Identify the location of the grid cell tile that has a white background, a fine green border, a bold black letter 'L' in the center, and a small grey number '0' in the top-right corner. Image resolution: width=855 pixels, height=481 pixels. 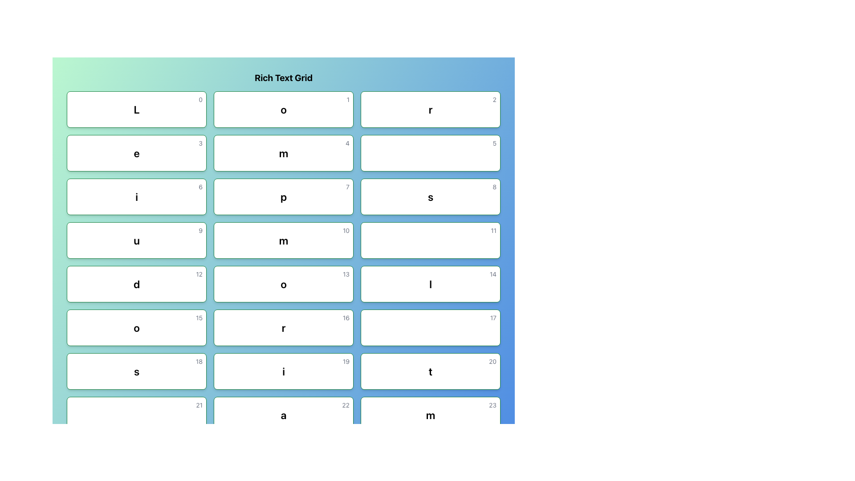
(136, 109).